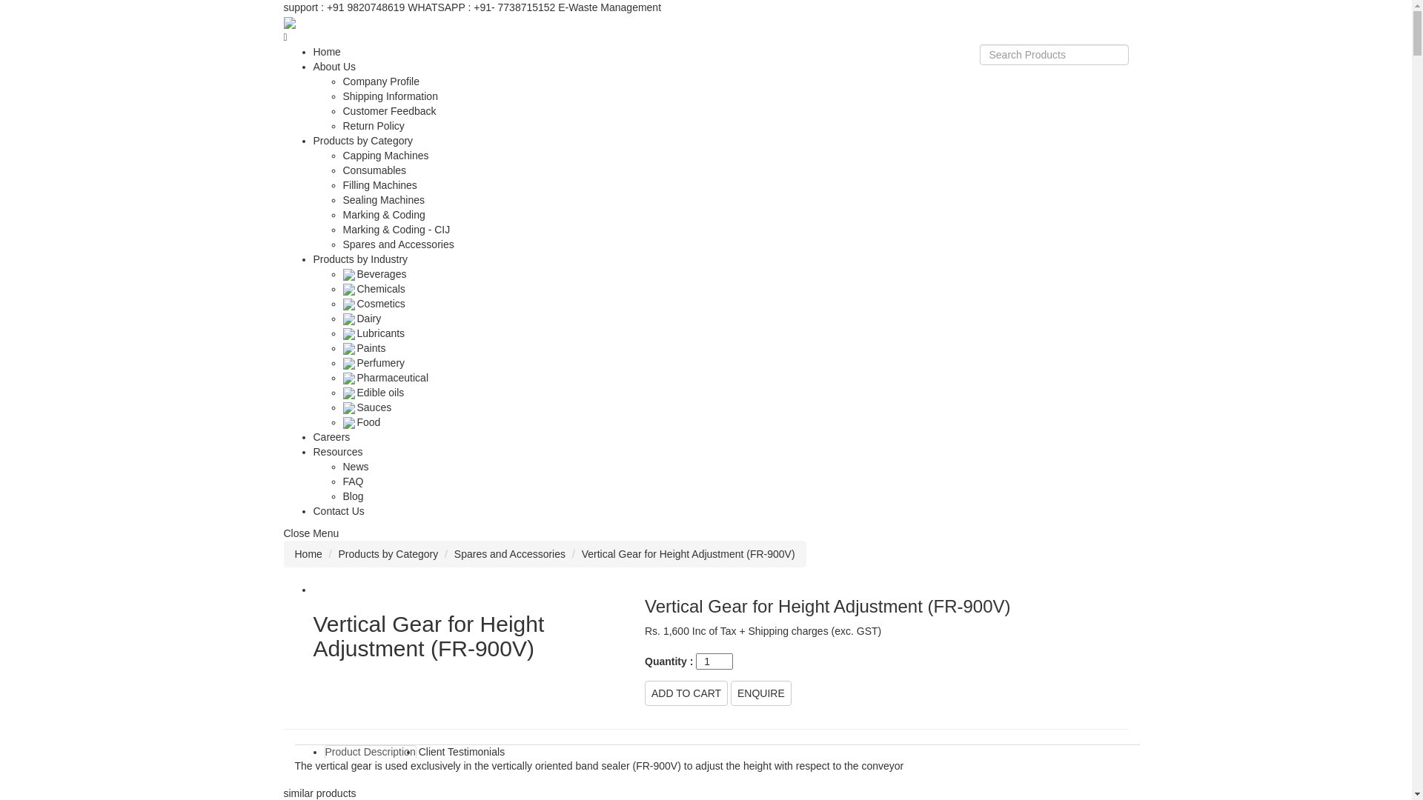 This screenshot has width=1423, height=800. I want to click on 'E-Waste Management', so click(609, 7).